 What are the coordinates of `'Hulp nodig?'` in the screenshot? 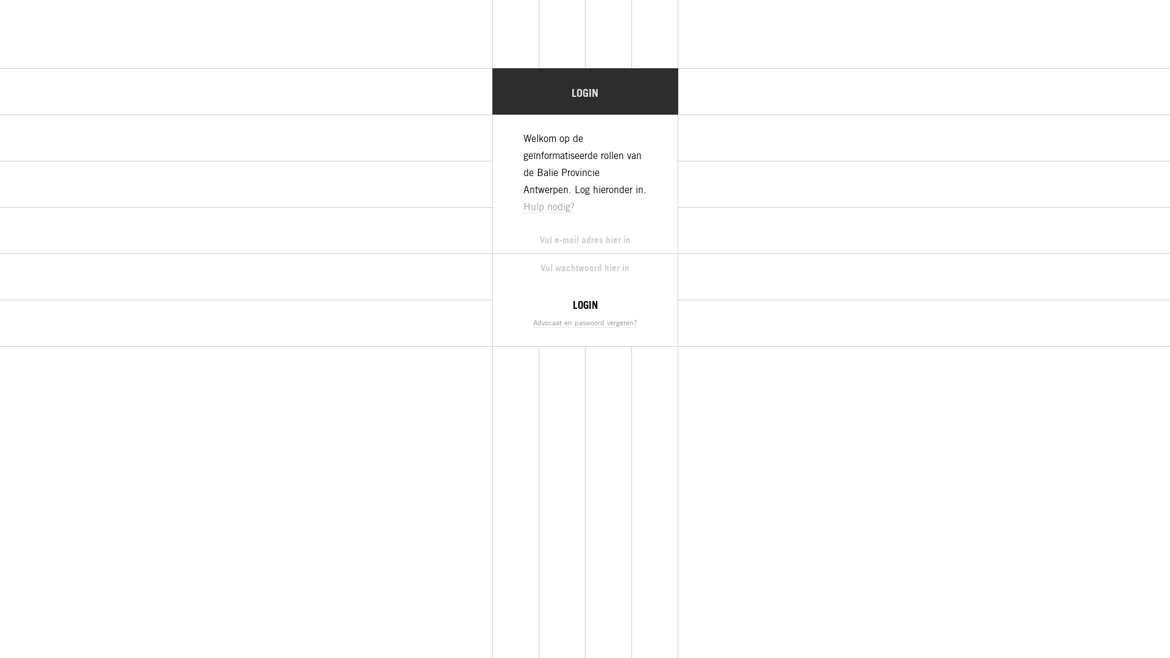 It's located at (523, 206).